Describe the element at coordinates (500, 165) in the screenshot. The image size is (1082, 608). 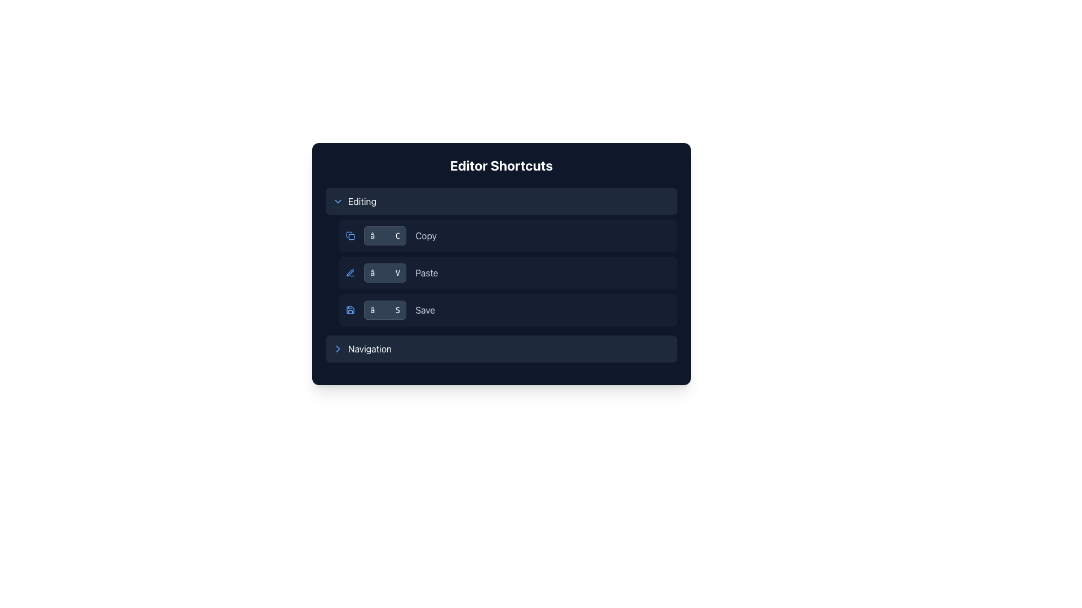
I see `the 'Editor Shortcuts' header text label, which is displayed in large, bold, white font on a dark blue background at the top of the widget` at that location.